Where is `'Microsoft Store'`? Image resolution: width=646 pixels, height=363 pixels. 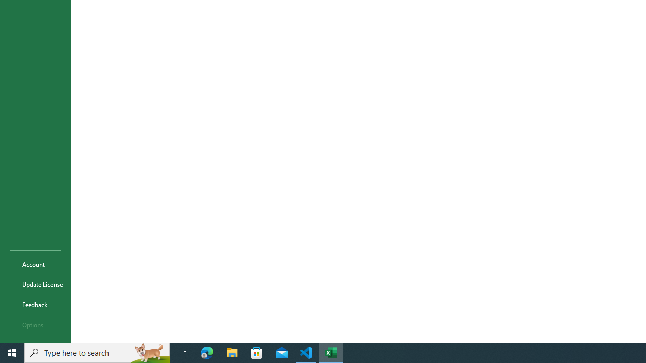
'Microsoft Store' is located at coordinates (257, 352).